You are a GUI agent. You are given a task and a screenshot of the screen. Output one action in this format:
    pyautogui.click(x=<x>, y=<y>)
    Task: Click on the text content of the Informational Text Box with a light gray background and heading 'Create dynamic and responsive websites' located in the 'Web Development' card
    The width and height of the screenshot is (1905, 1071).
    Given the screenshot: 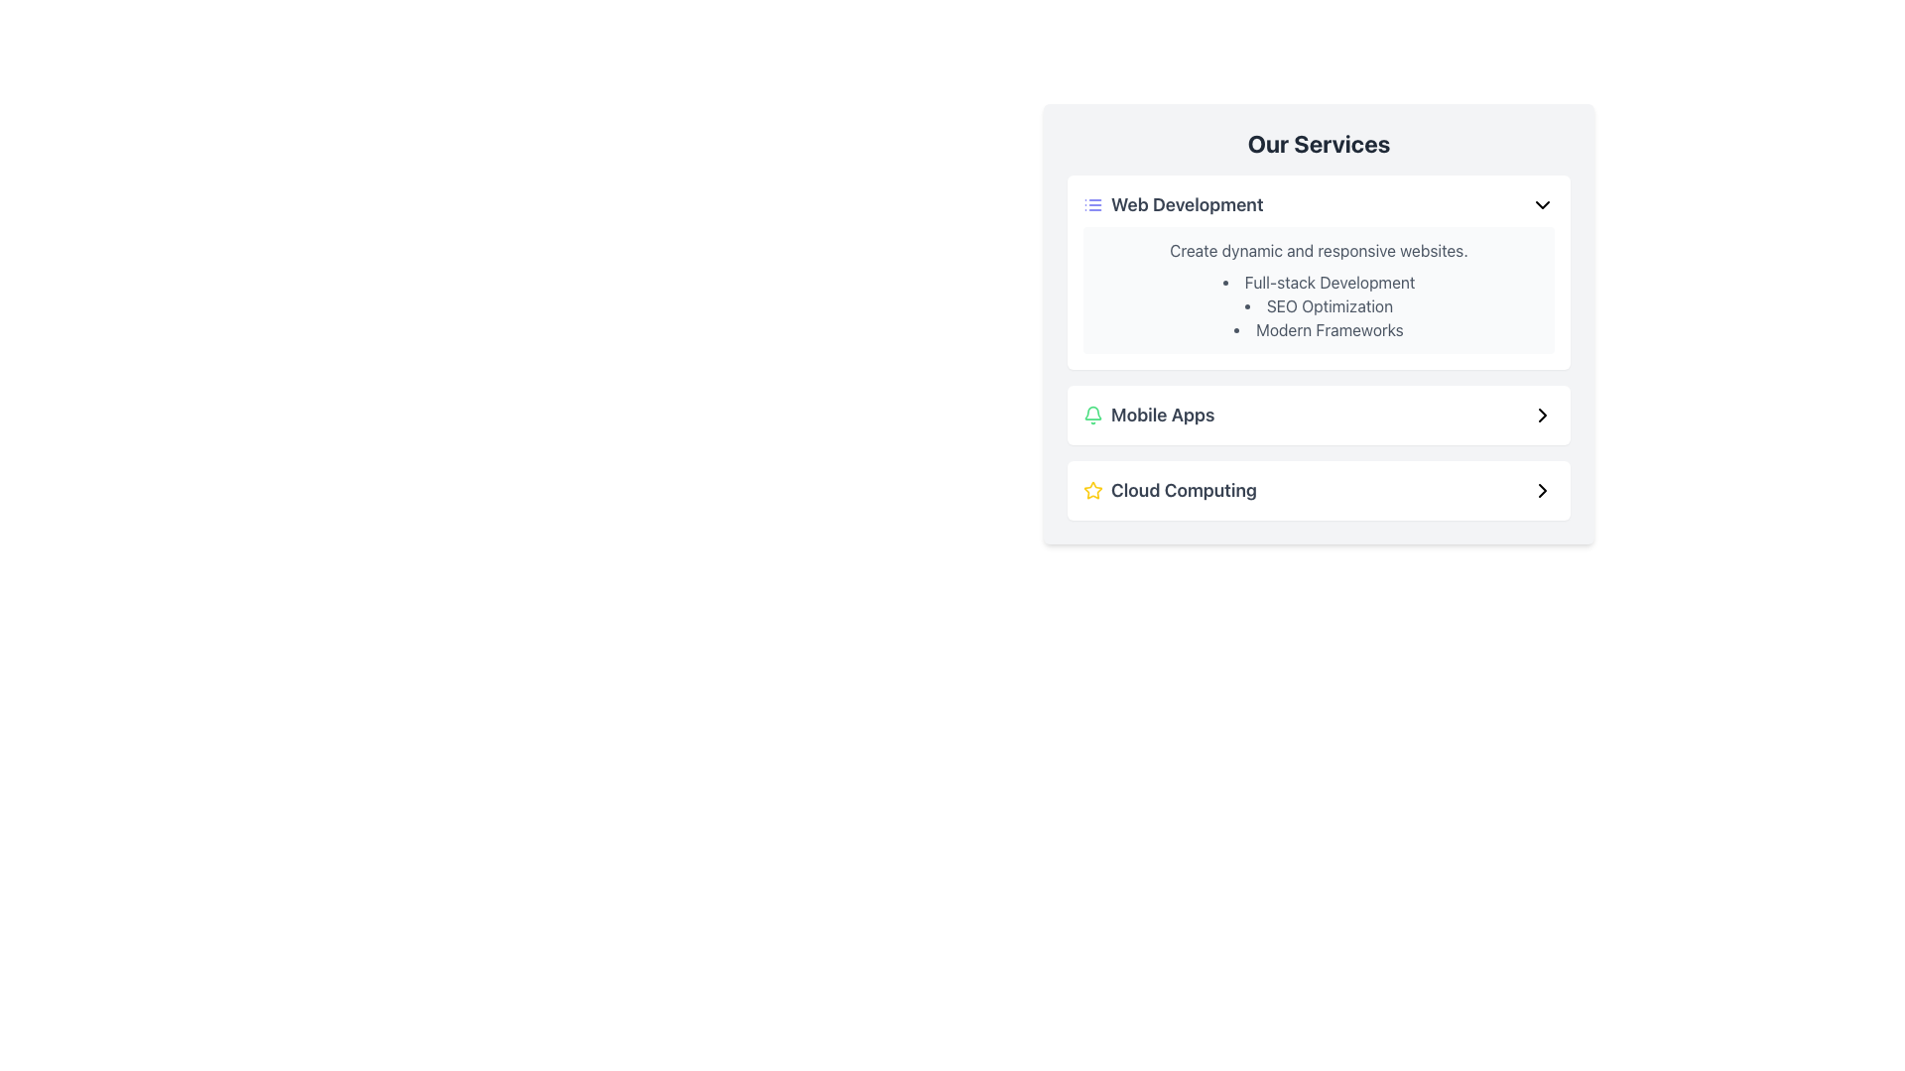 What is the action you would take?
    pyautogui.click(x=1319, y=291)
    